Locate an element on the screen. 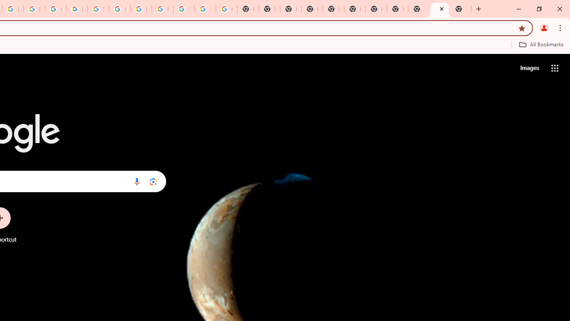  'YouTube' is located at coordinates (98, 9).